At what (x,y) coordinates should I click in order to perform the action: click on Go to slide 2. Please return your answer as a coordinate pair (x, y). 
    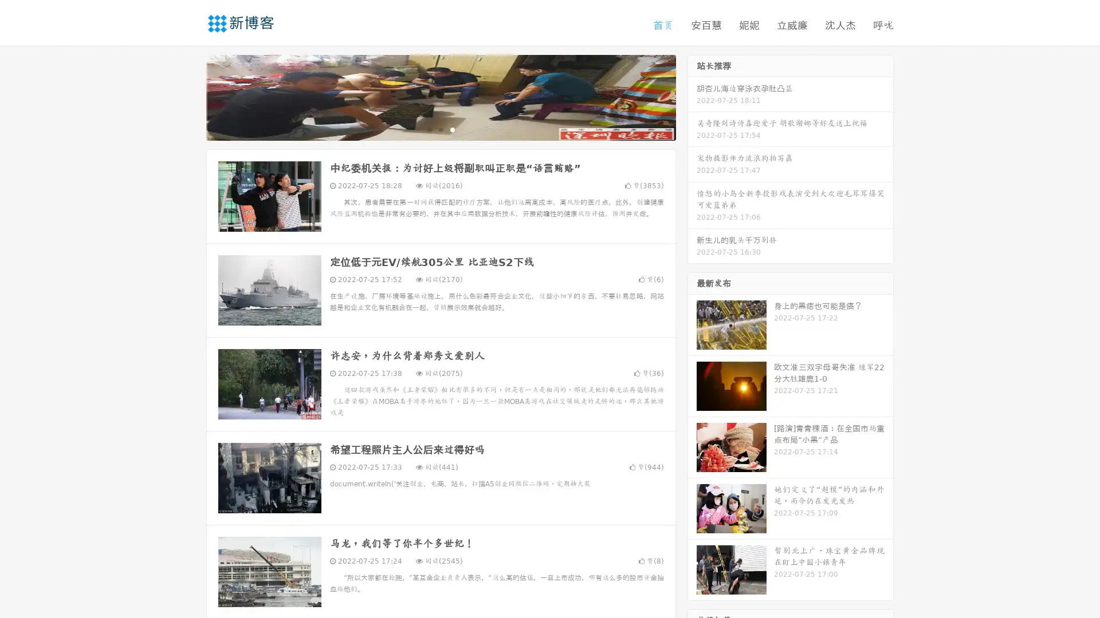
    Looking at the image, I should click on (440, 129).